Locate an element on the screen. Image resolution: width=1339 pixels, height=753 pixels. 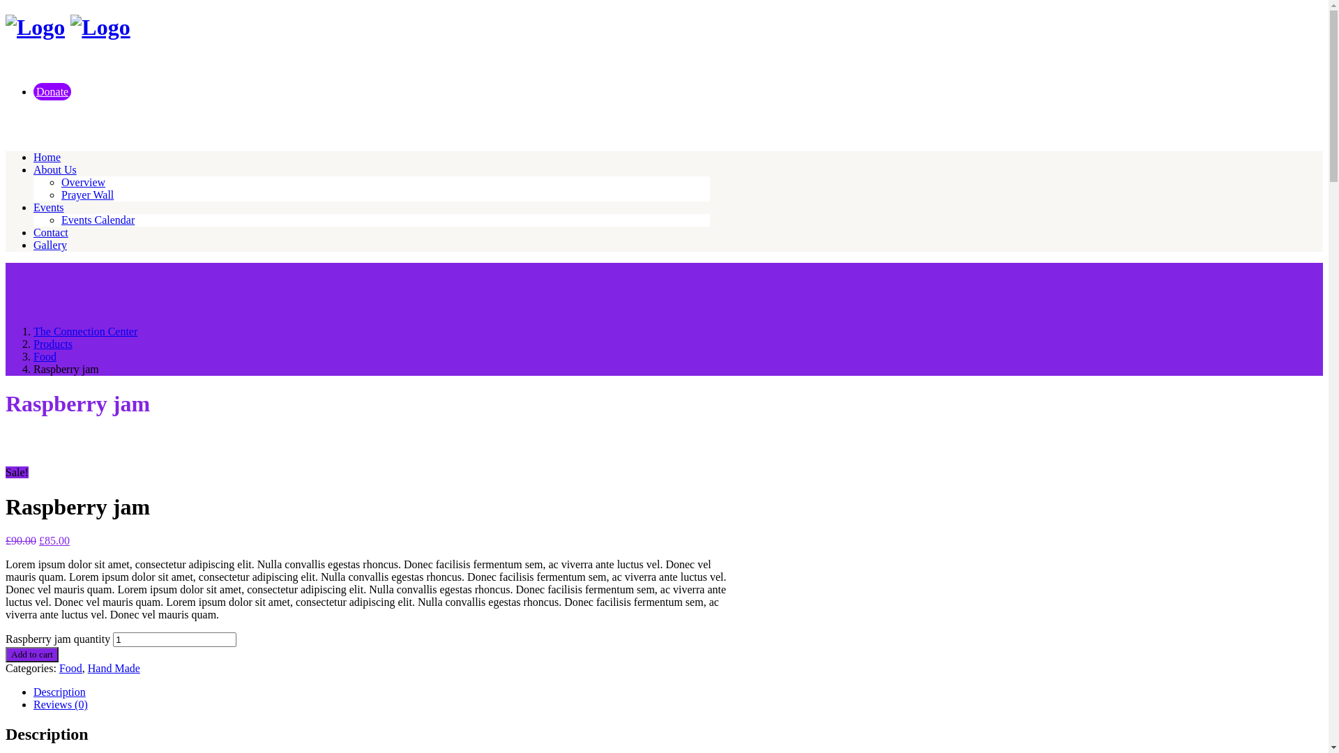
'About Us' is located at coordinates (33, 169).